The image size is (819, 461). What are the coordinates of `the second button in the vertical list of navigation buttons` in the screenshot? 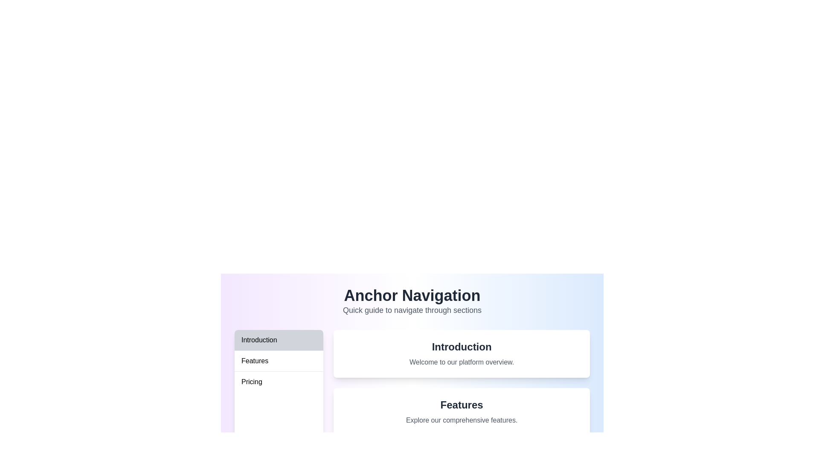 It's located at (279, 361).